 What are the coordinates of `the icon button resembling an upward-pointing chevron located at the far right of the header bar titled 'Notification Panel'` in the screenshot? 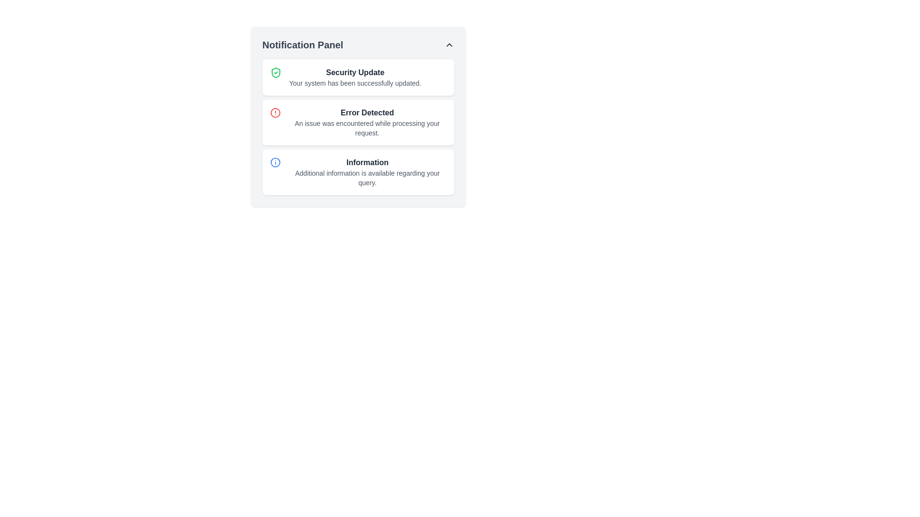 It's located at (448, 45).